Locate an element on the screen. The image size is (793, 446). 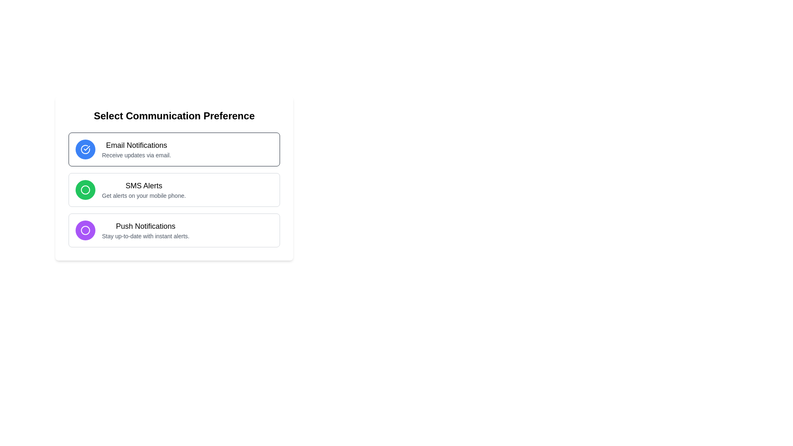
the SVG Circle that visually represents an icon in the second row of a vertically stacked list of icons and labels, positioned between the first and third row items is located at coordinates (85, 190).